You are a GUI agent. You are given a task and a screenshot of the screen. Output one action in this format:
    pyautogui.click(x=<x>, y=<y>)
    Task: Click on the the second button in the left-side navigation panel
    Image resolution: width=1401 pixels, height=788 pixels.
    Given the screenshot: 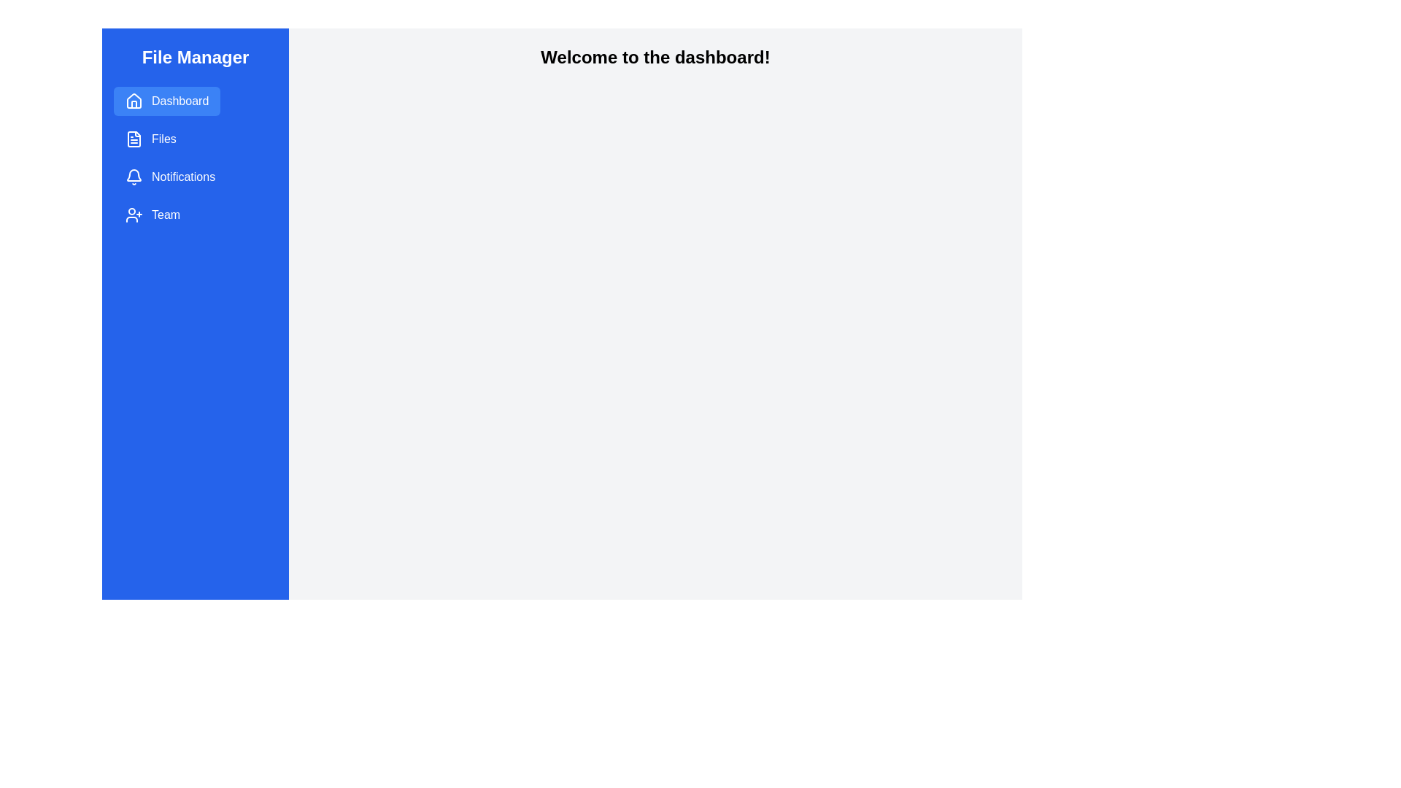 What is the action you would take?
    pyautogui.click(x=150, y=139)
    